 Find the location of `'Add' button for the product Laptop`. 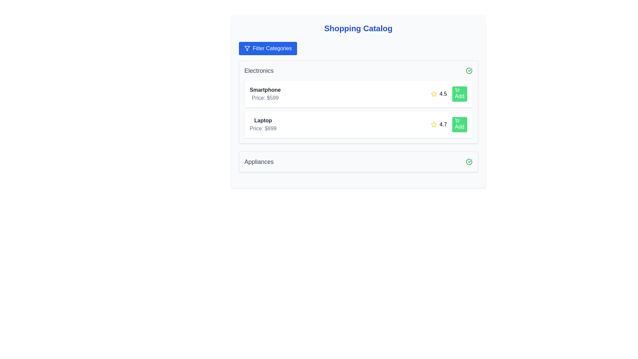

'Add' button for the product Laptop is located at coordinates (459, 124).